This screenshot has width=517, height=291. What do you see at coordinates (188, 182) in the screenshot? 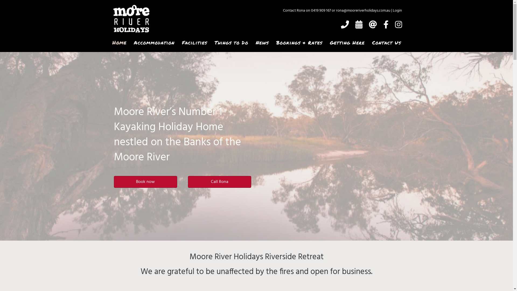
I see `'Call Rona'` at bounding box center [188, 182].